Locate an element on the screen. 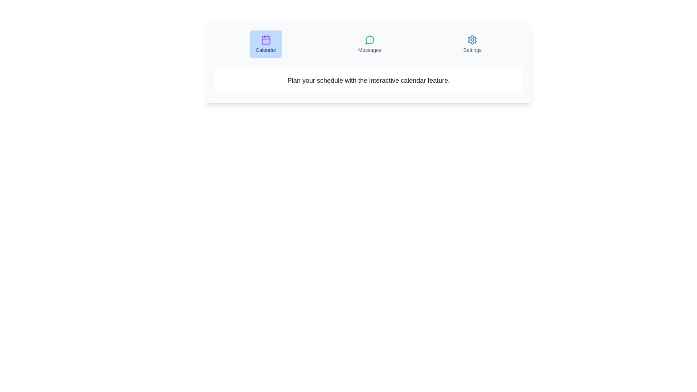  the Messages tab from the available options is located at coordinates (369, 44).